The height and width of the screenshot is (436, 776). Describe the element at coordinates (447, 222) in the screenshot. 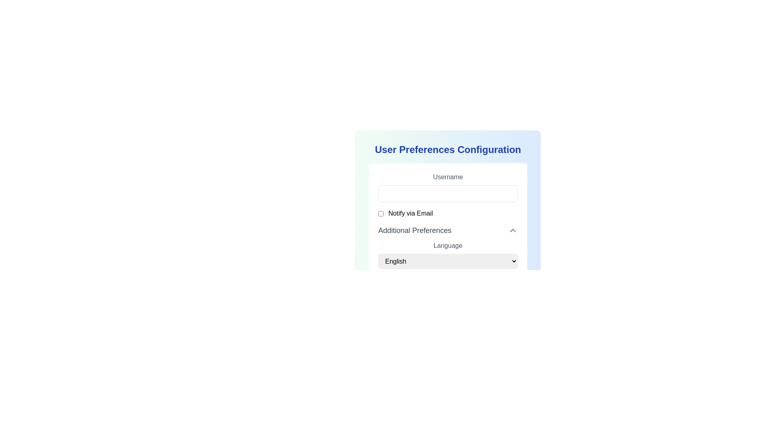

I see `the visual indicator located centrally under the 'Notify via Email' checkbox and before the 'Additional Preferences' dropdown` at that location.